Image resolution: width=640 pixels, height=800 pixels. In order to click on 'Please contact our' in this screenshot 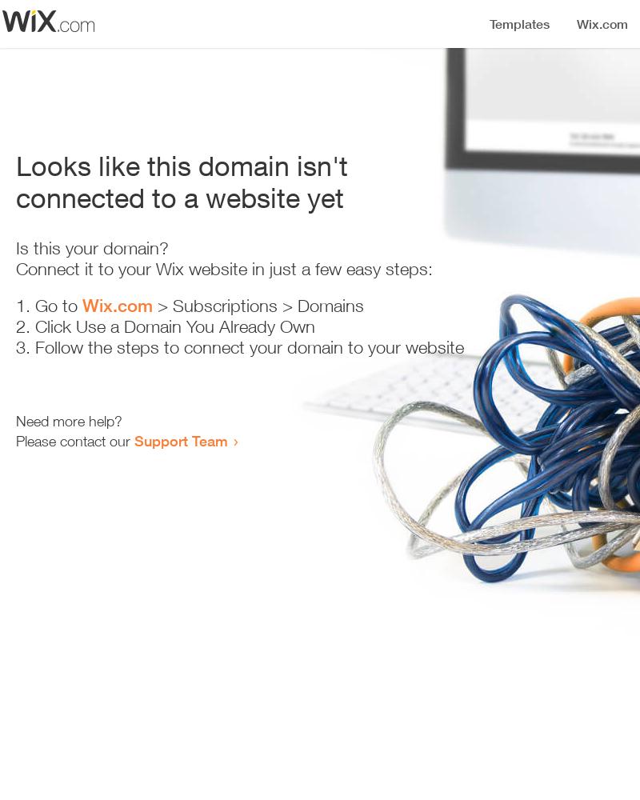, I will do `click(16, 441)`.